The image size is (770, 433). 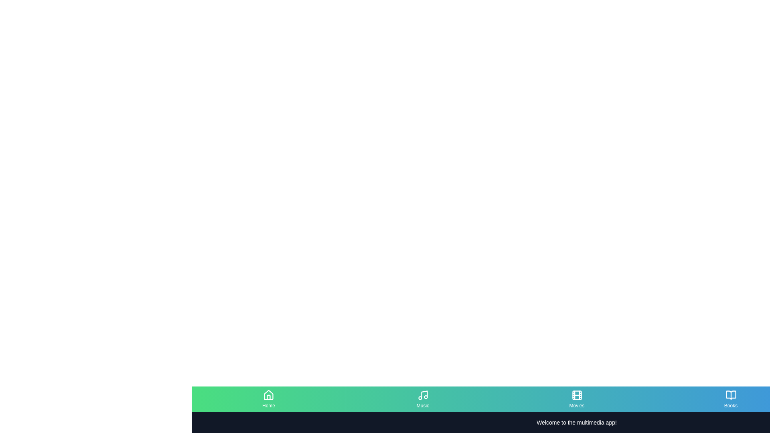 I want to click on the menu item Music to navigate to its content, so click(x=422, y=399).